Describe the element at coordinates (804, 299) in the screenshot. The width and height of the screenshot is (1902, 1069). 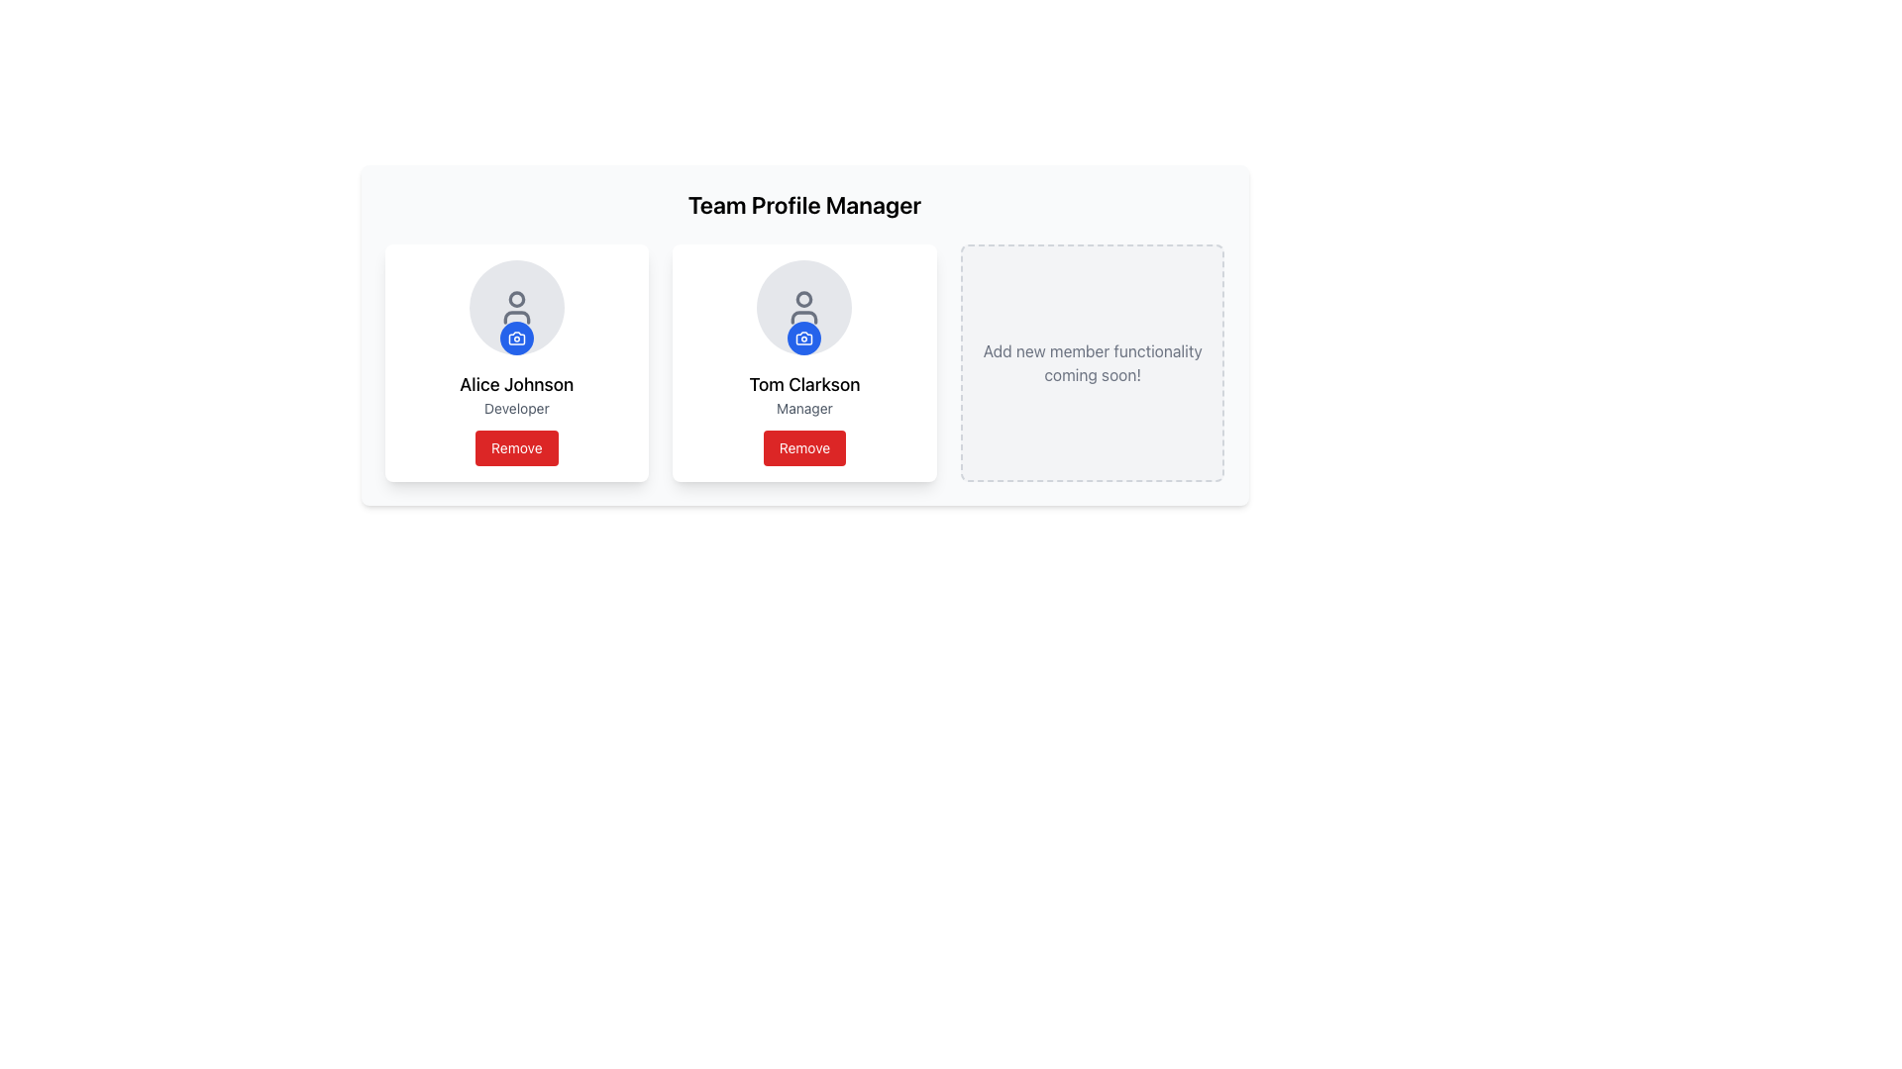
I see `the small SVG circle representing the user profile of Tom Clarkson, located at the top-center of the second card in the grid layout` at that location.